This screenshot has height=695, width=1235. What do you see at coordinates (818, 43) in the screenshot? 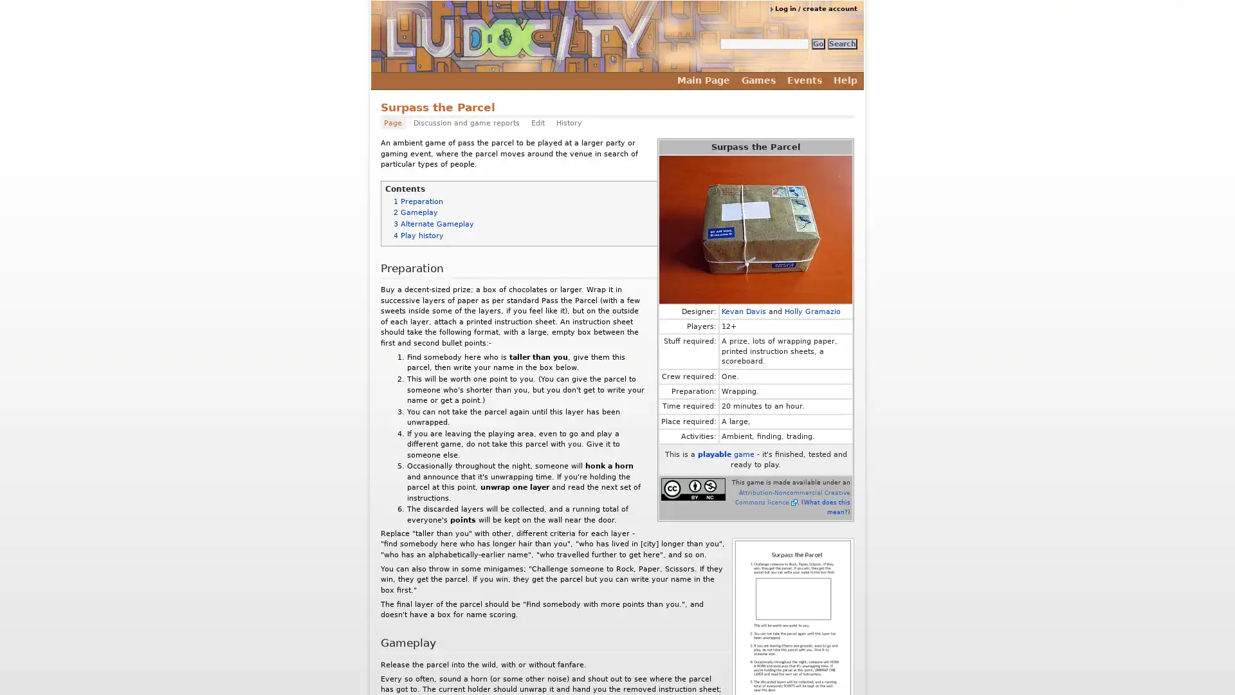
I see `Go` at bounding box center [818, 43].